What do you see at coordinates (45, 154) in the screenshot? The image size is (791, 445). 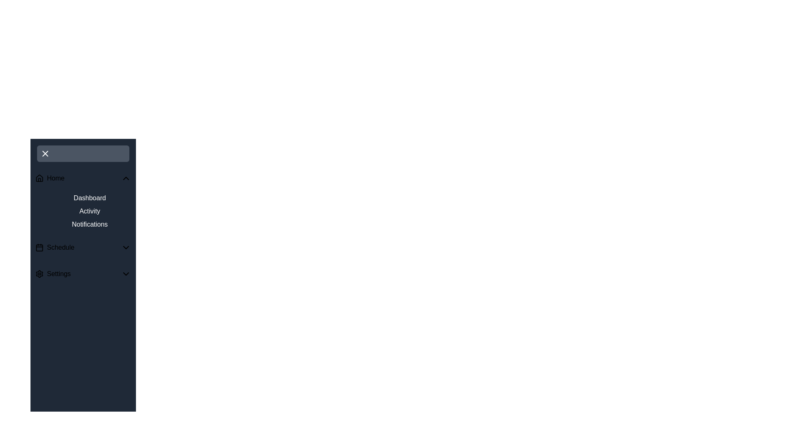 I see `the 'X' icon within the dark gray button at the top-left section of the interface` at bounding box center [45, 154].